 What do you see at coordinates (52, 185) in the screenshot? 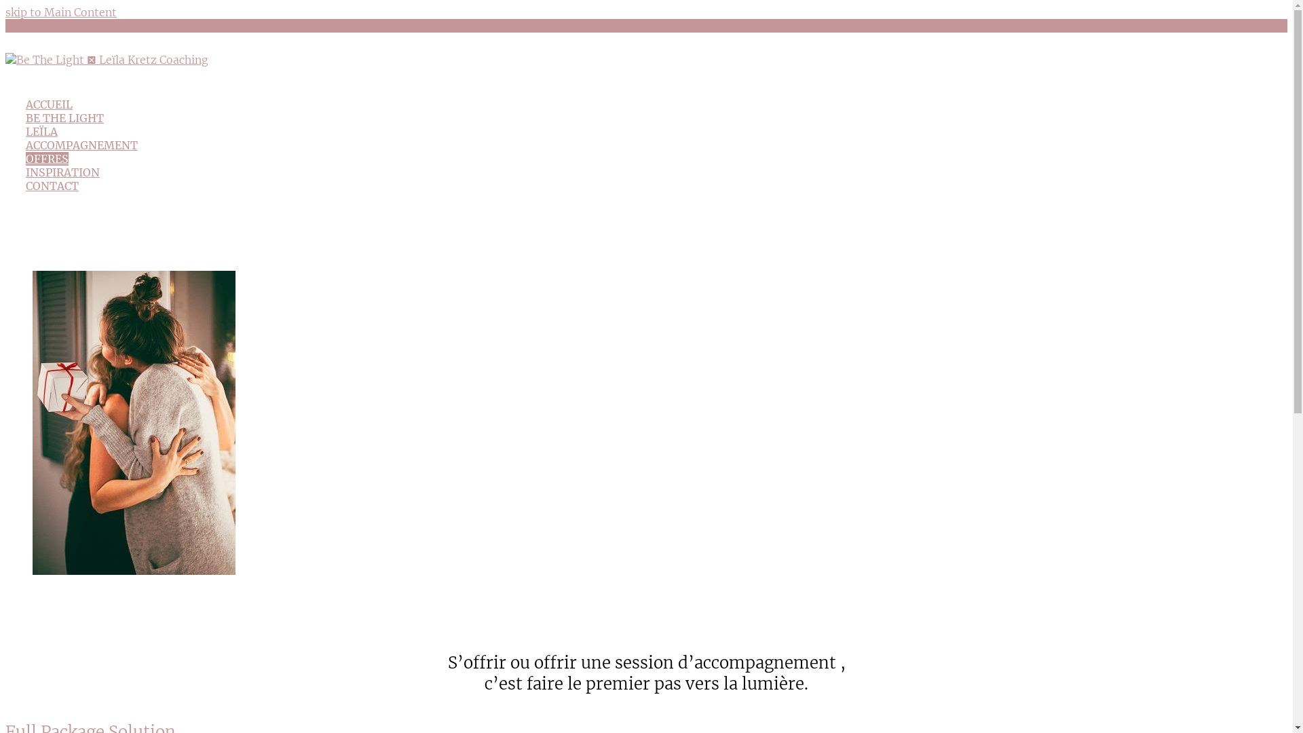
I see `'CONTACT'` at bounding box center [52, 185].